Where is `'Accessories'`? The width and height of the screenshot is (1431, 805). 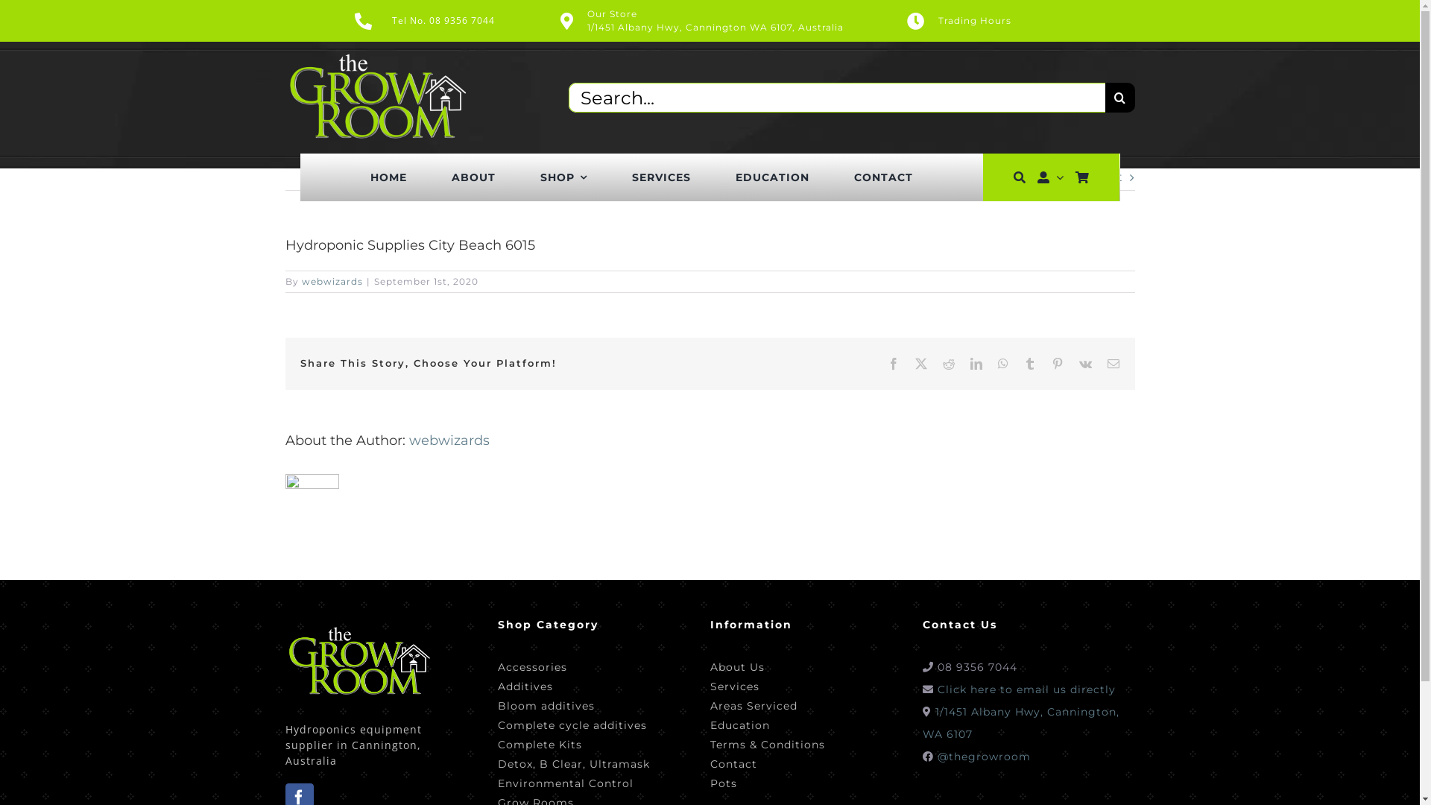
'Accessories' is located at coordinates (572, 665).